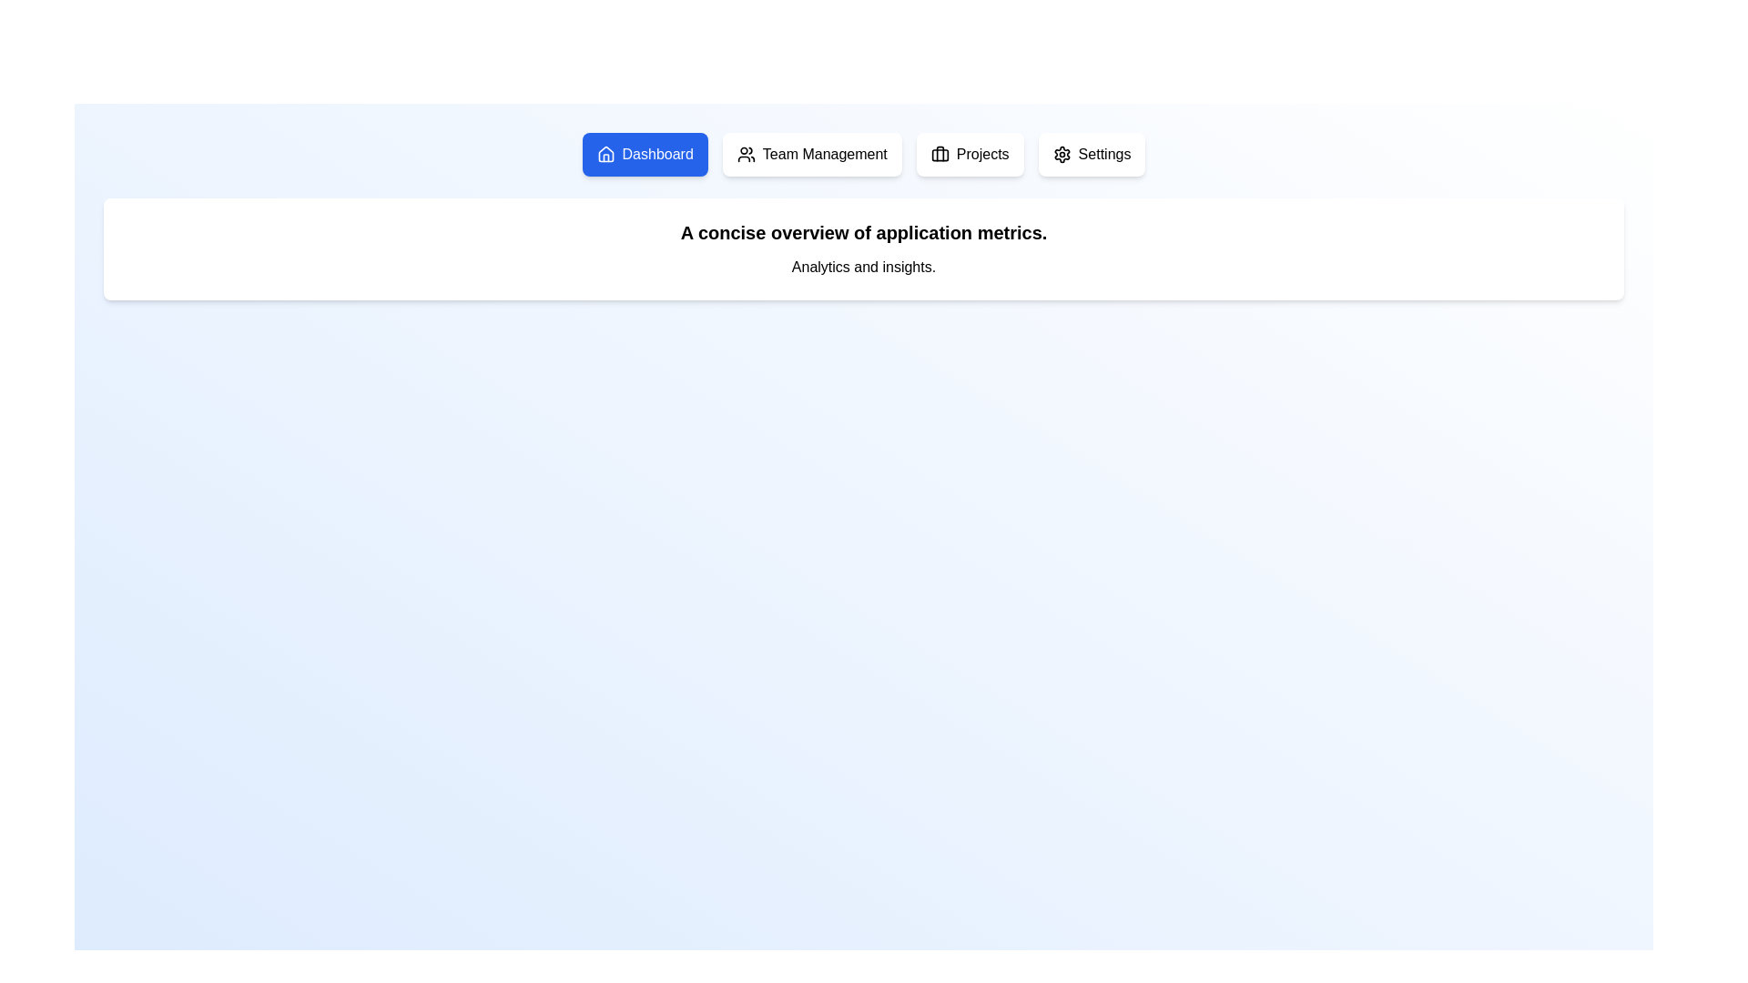  I want to click on the text element in the upper-most navigation bar that serves as a link, so click(1103, 153).